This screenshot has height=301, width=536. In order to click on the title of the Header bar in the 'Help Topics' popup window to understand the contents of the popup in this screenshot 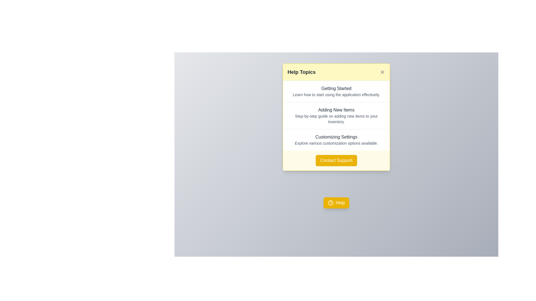, I will do `click(336, 72)`.